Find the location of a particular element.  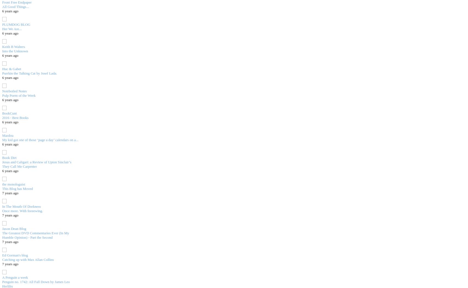

'Book Dirt' is located at coordinates (9, 157).